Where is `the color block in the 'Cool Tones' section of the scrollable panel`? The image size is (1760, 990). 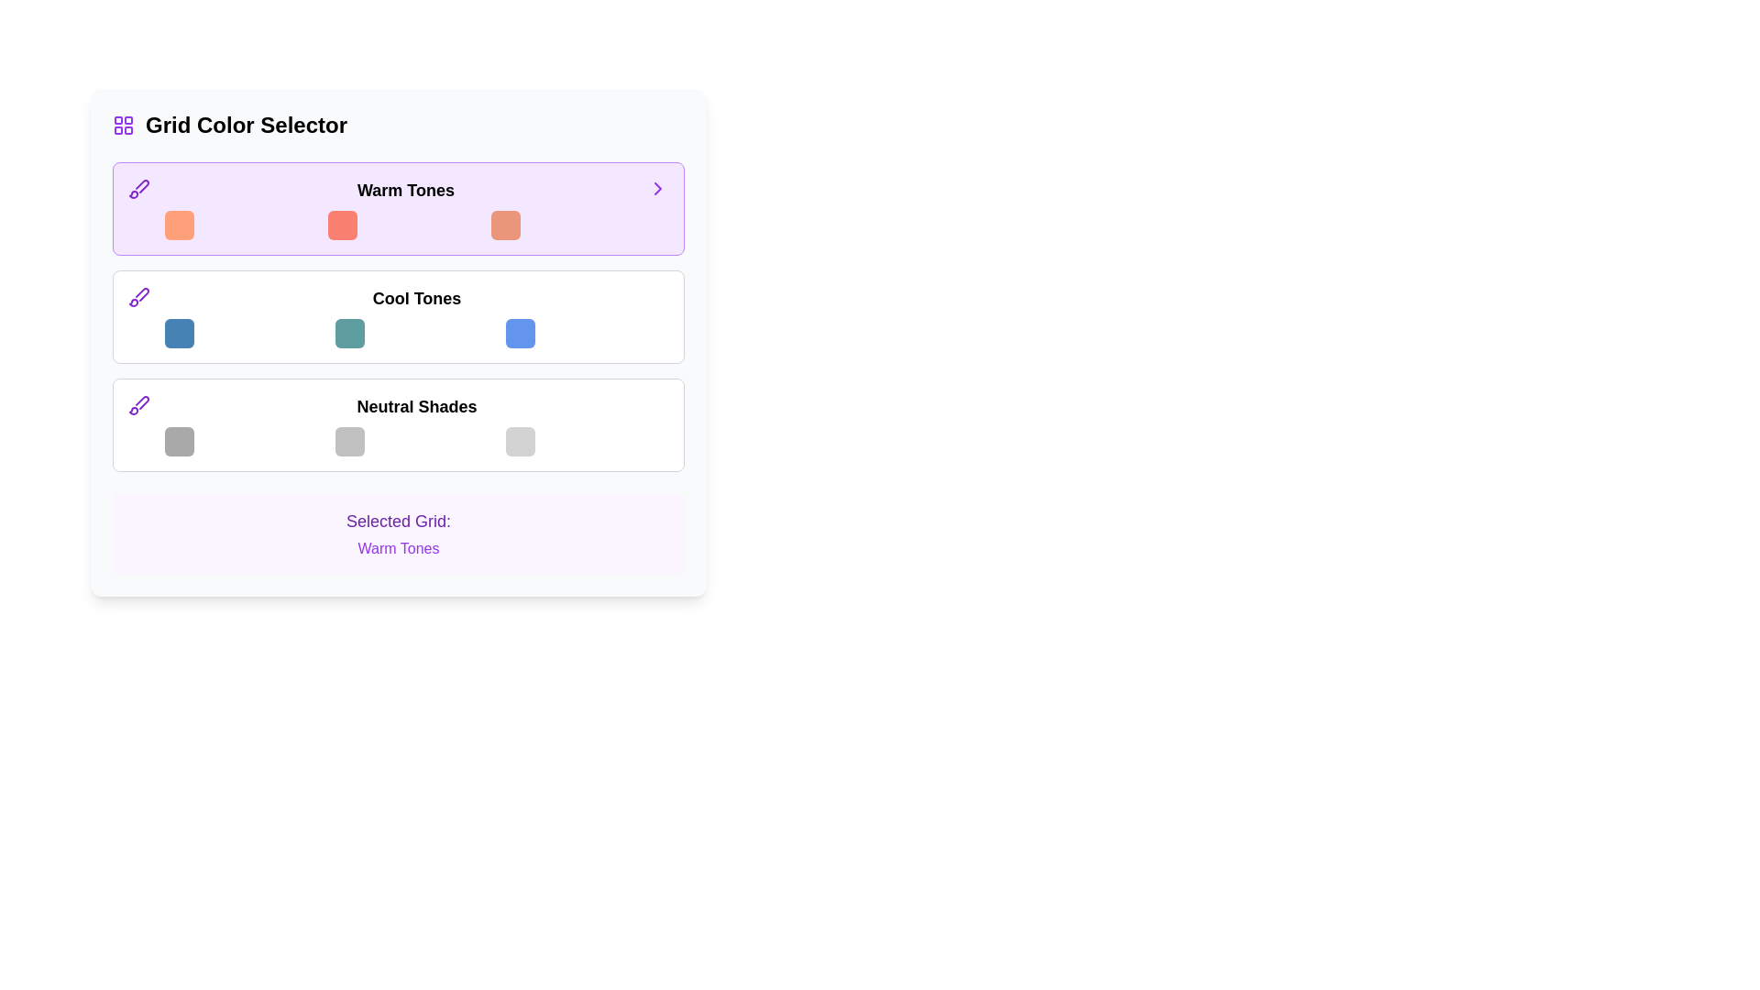 the color block in the 'Cool Tones' section of the scrollable panel is located at coordinates (398, 316).